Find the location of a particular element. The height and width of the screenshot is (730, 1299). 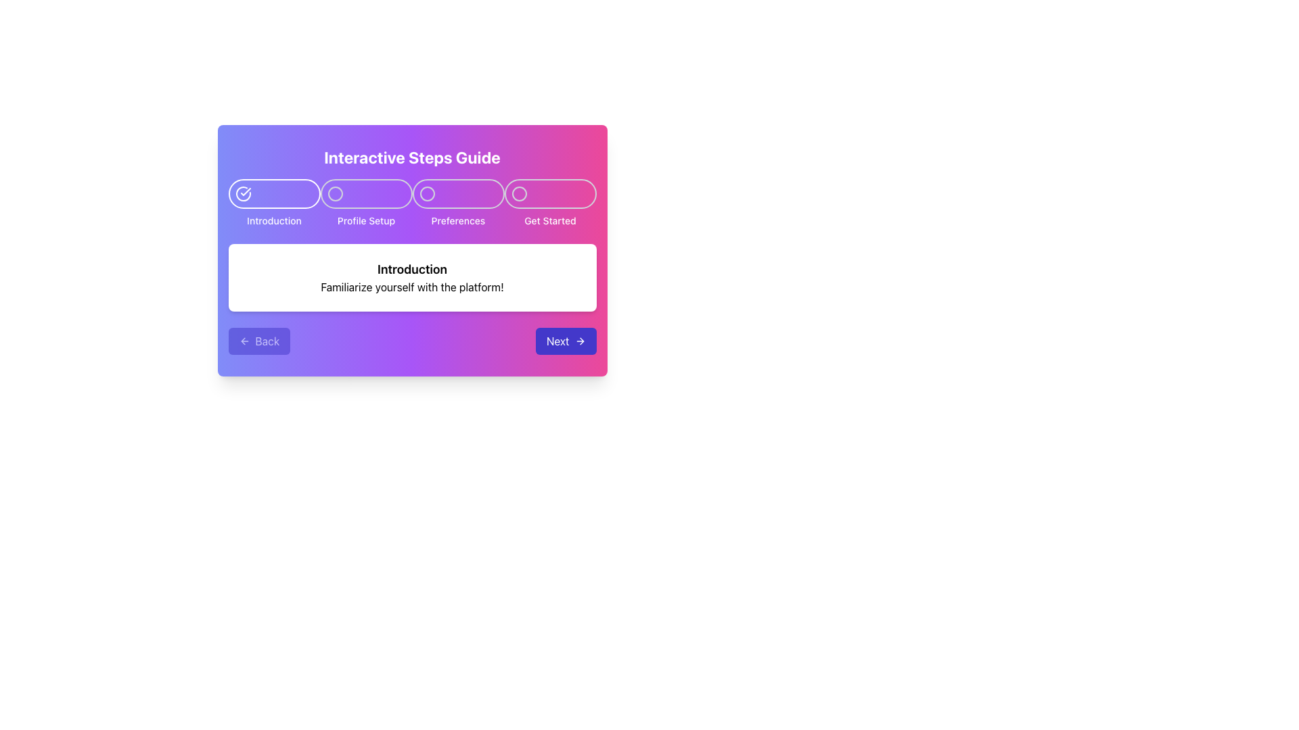

the last step indicator in the guided interactive process, located at the top-right side of the interface after 'Preferences' is located at coordinates (550, 203).